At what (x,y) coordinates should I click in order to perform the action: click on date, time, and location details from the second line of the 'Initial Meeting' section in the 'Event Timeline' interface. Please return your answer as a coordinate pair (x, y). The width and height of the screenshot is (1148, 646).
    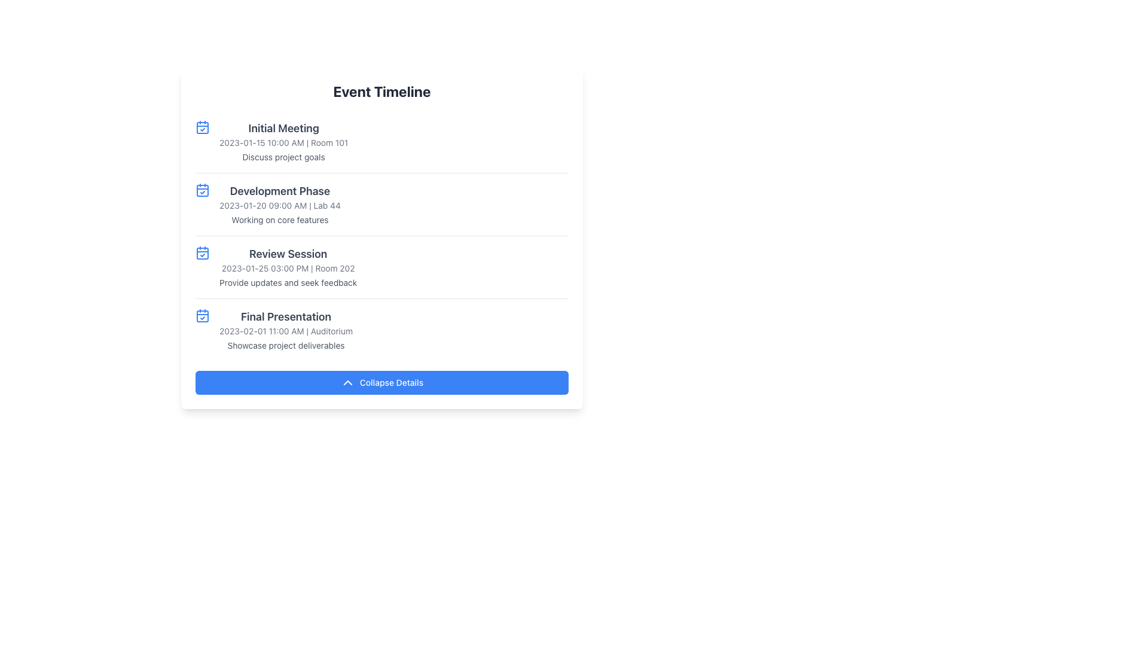
    Looking at the image, I should click on (283, 142).